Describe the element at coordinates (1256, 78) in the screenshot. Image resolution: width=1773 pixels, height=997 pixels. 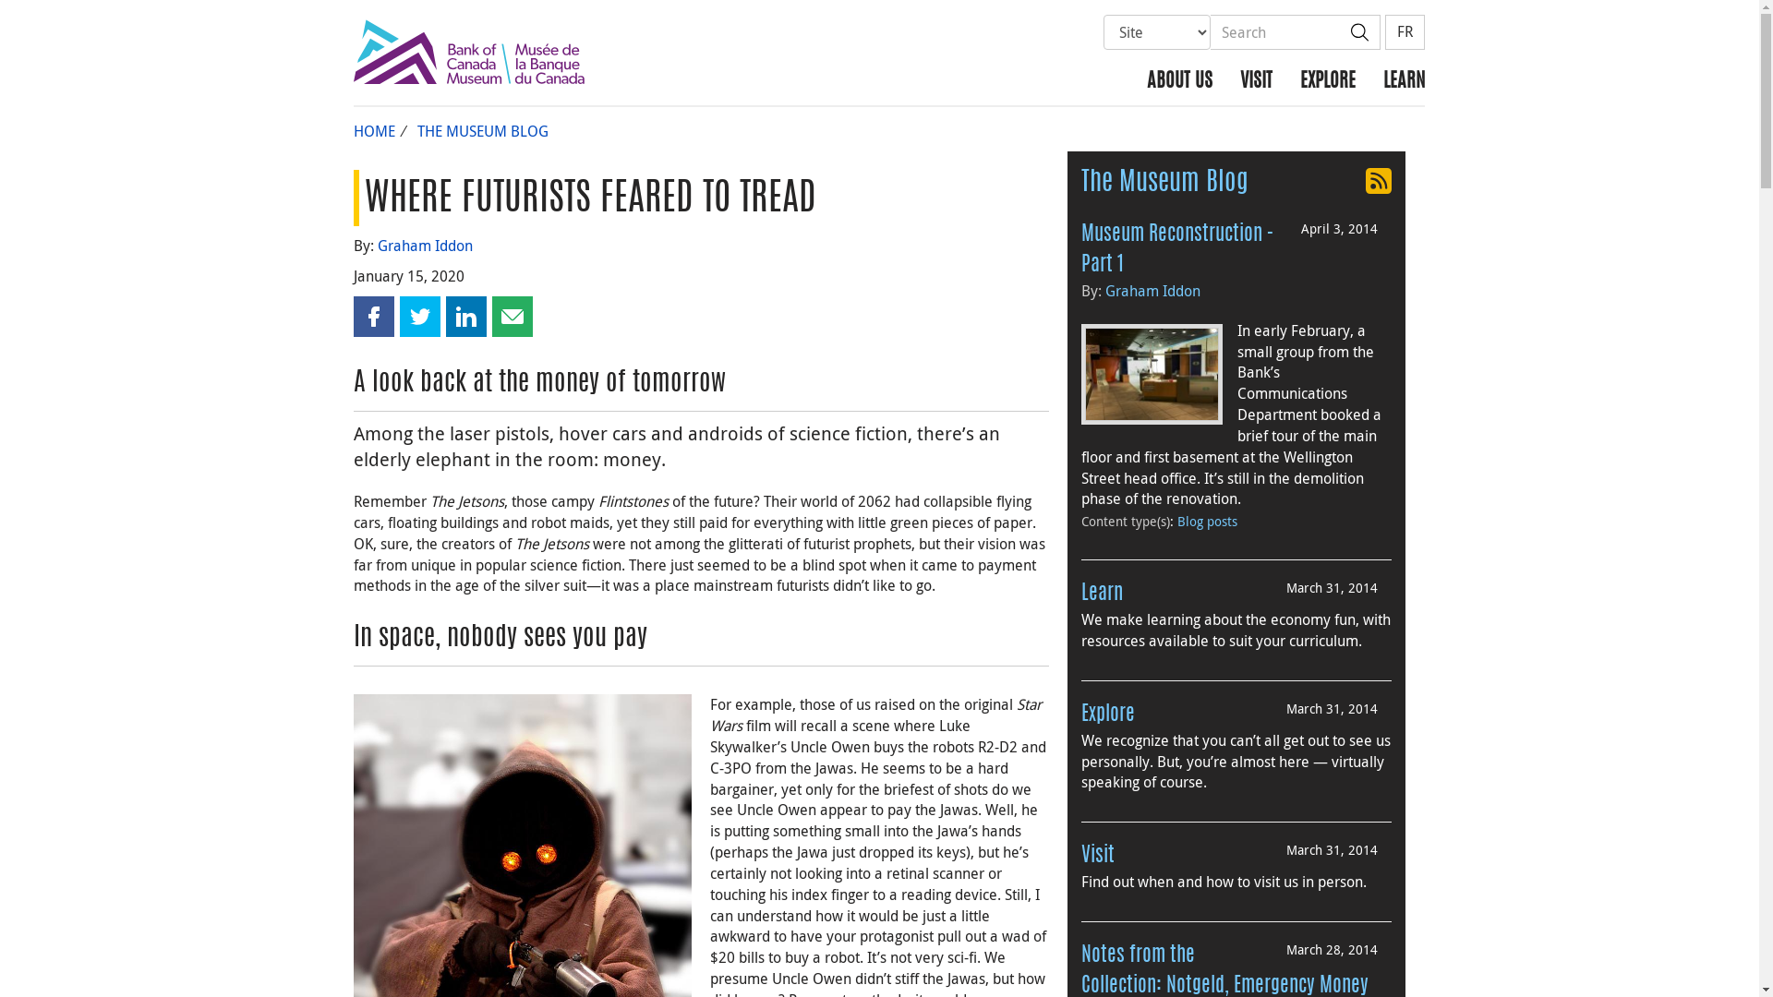
I see `'VISIT'` at that location.